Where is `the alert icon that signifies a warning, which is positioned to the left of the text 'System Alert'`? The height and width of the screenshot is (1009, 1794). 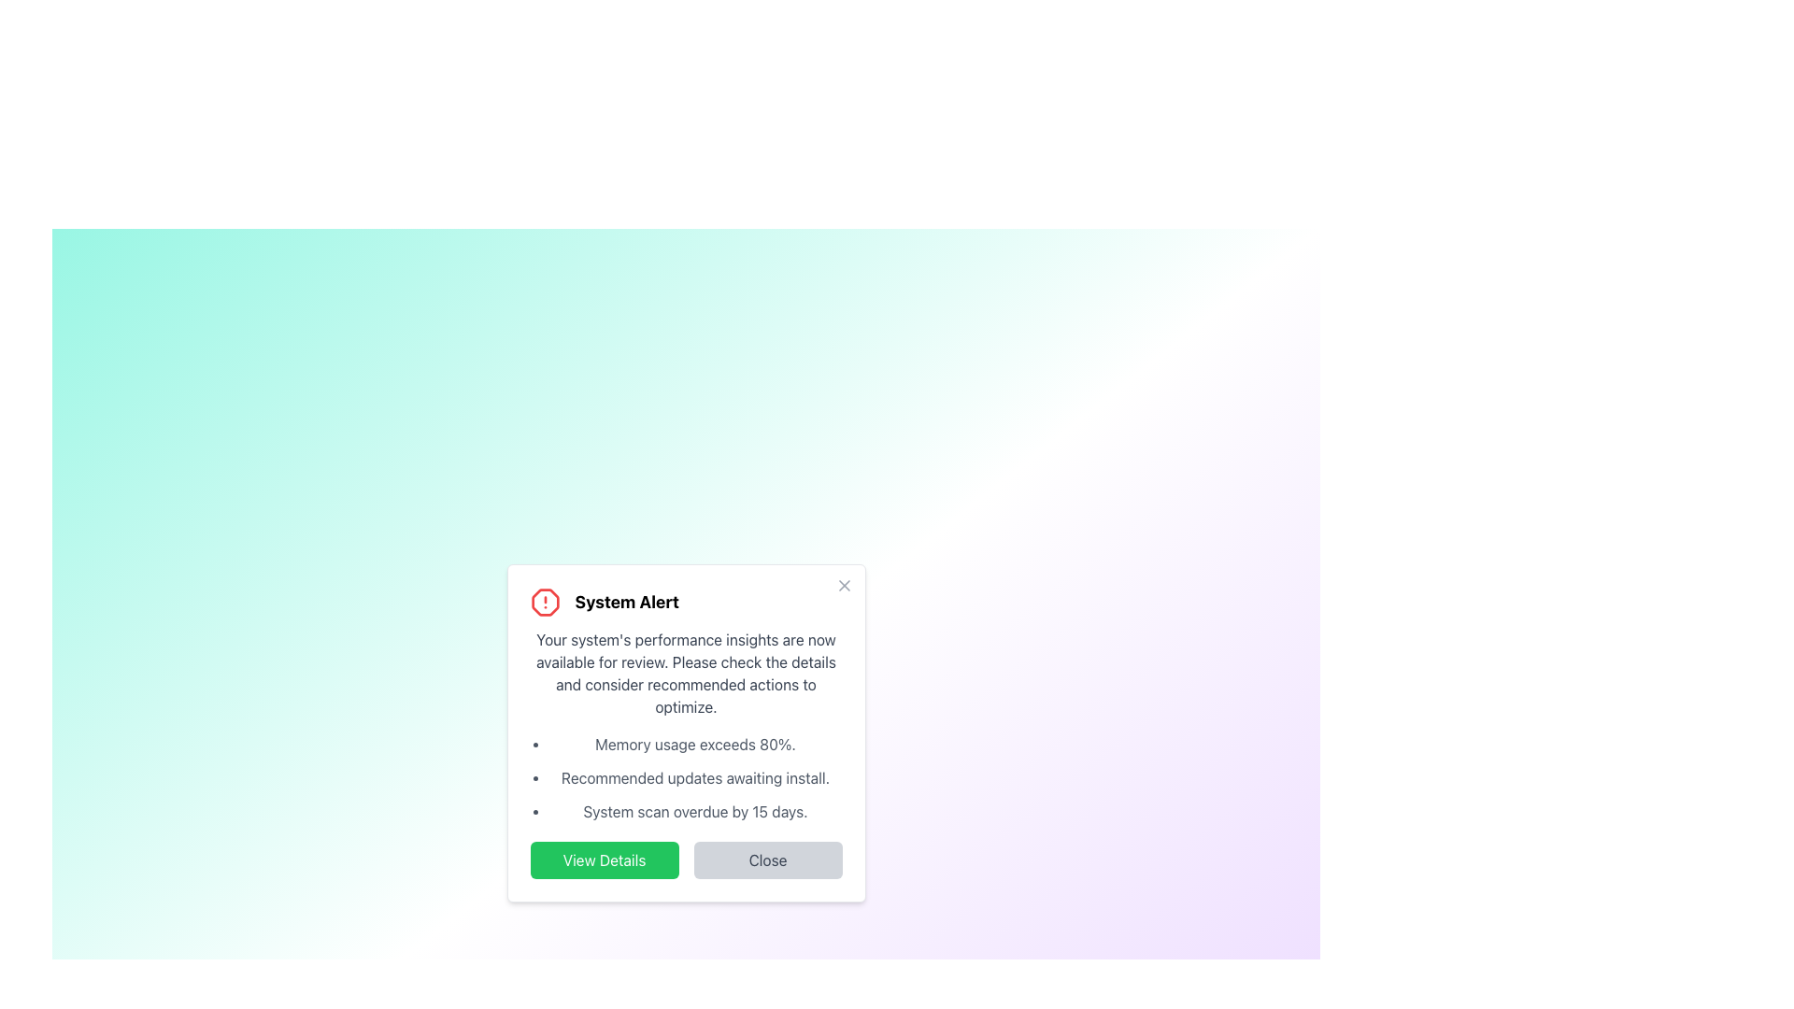 the alert icon that signifies a warning, which is positioned to the left of the text 'System Alert' is located at coordinates (544, 602).